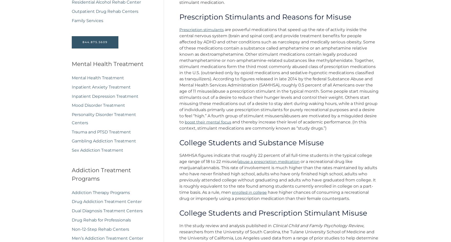 This screenshot has width=451, height=242. Describe the element at coordinates (71, 222) in the screenshot. I see `'Drug Rehab for Professionals'` at that location.